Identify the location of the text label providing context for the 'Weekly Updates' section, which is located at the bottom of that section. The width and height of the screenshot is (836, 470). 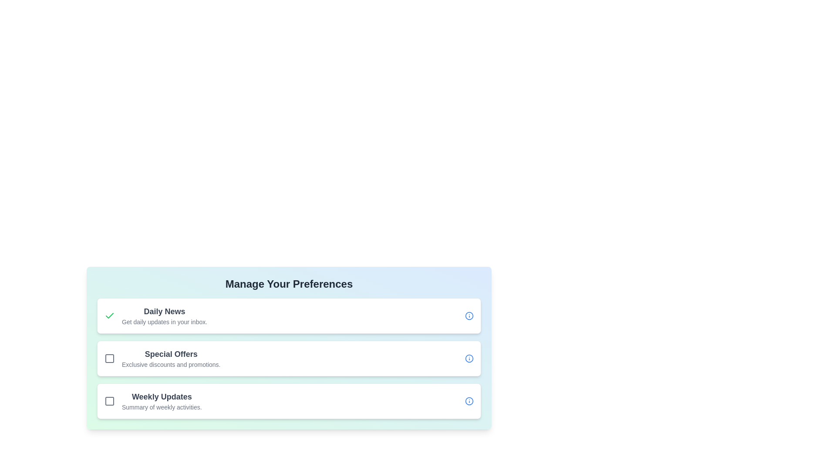
(162, 407).